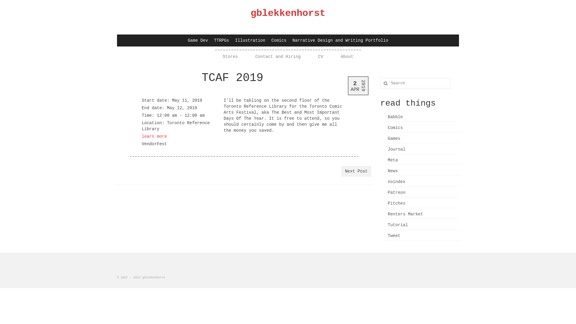 The height and width of the screenshot is (324, 576). What do you see at coordinates (211, 40) in the screenshot?
I see `'TTRPGs'` at bounding box center [211, 40].